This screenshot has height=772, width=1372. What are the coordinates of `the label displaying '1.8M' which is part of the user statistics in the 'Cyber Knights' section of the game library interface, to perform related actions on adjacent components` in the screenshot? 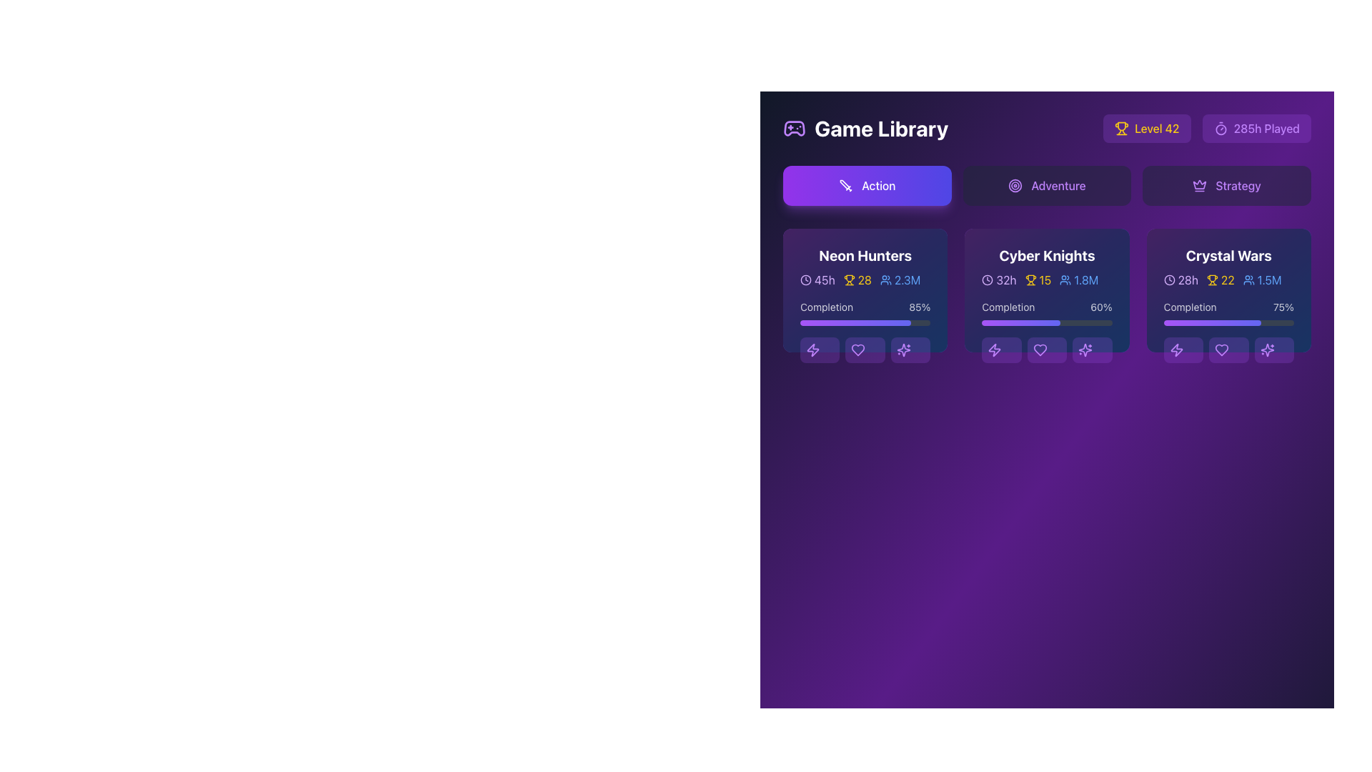 It's located at (1079, 280).